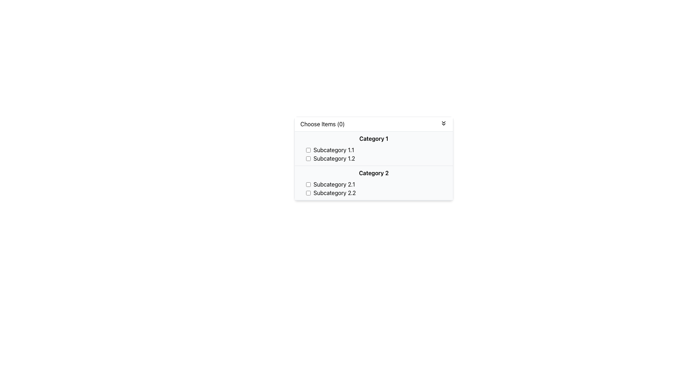 Image resolution: width=681 pixels, height=383 pixels. What do you see at coordinates (308, 150) in the screenshot?
I see `the checkbox for 'Subcategory 1.1'` at bounding box center [308, 150].